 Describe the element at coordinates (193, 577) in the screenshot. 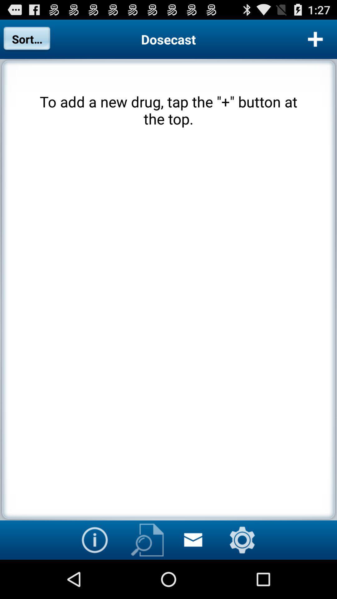

I see `the email icon` at that location.